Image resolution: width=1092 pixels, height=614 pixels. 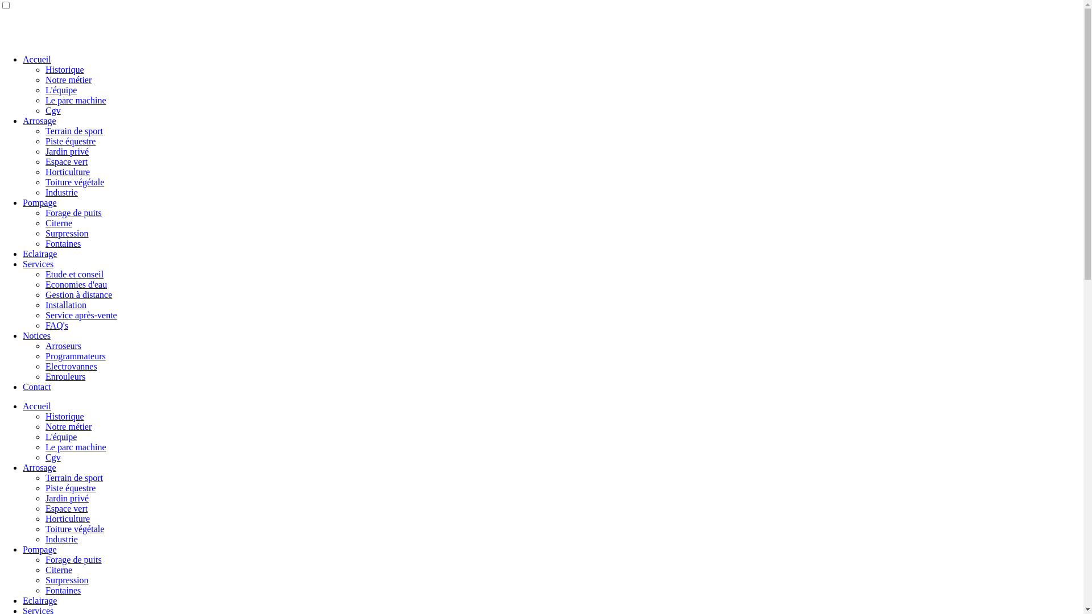 I want to click on 'Accueil', so click(x=37, y=405).